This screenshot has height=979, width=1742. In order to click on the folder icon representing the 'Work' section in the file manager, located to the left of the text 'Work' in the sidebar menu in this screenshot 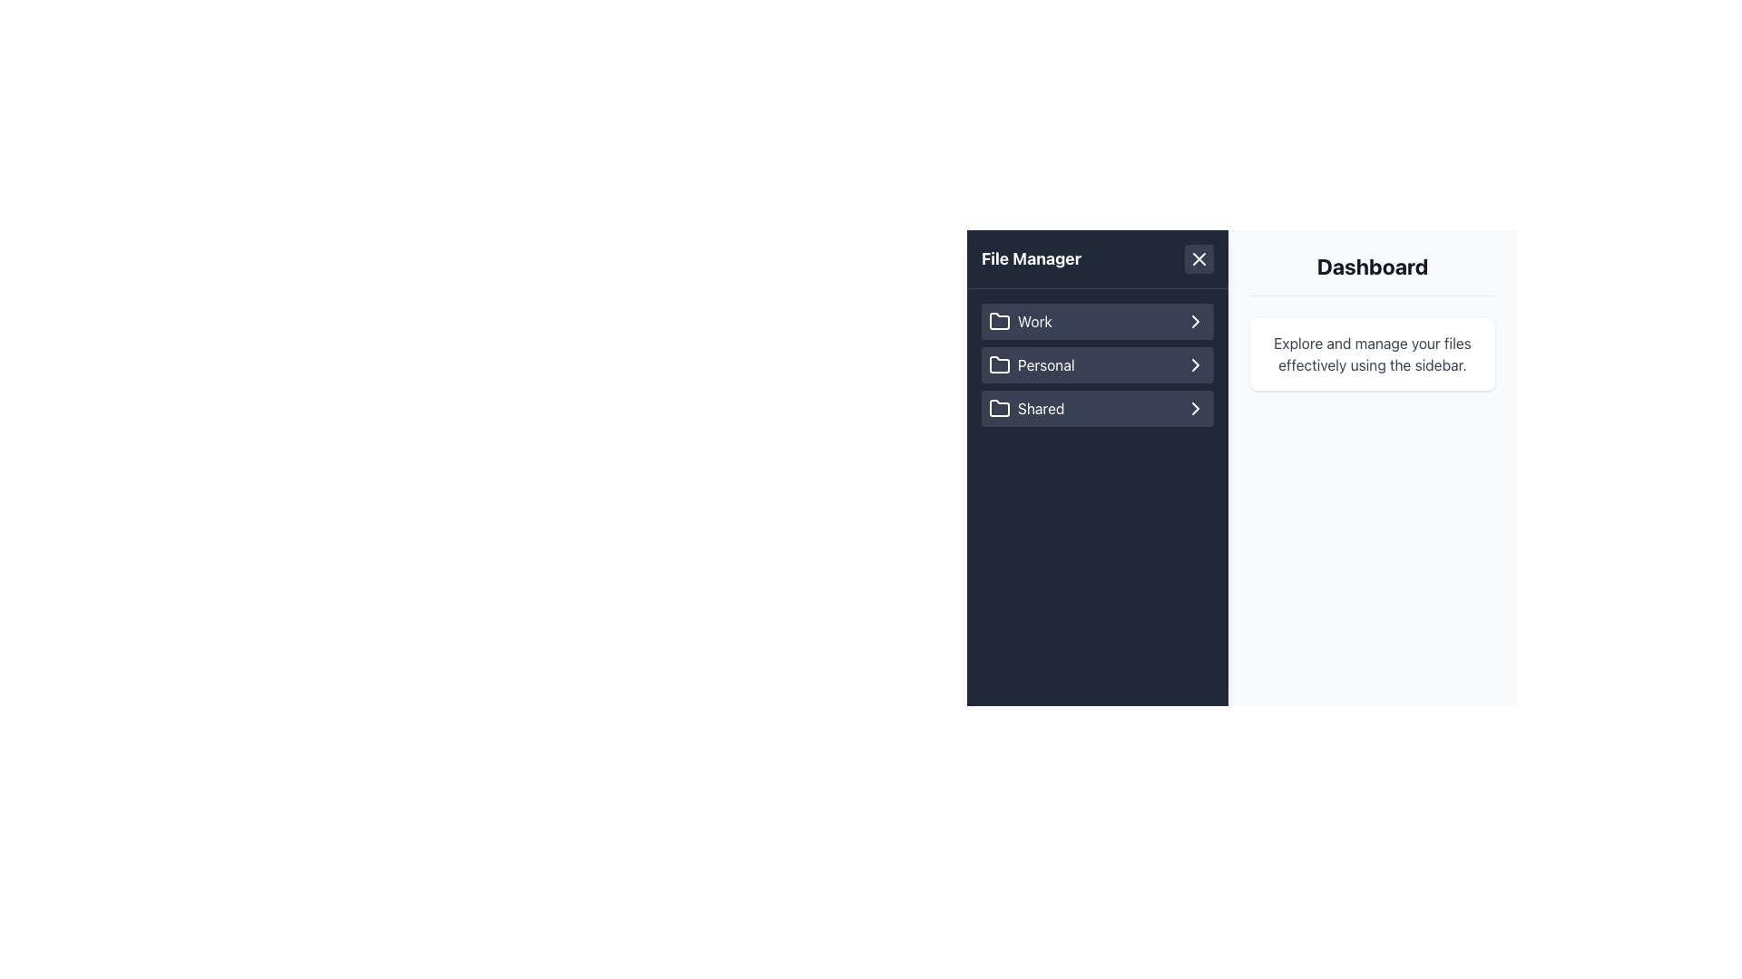, I will do `click(999, 320)`.